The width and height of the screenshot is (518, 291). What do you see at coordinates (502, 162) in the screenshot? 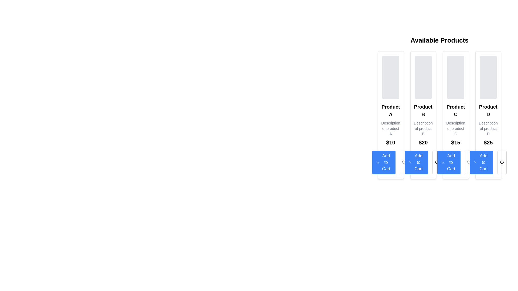
I see `the heart-shaped icon with a black outline located within the card for 'Product D'` at bounding box center [502, 162].